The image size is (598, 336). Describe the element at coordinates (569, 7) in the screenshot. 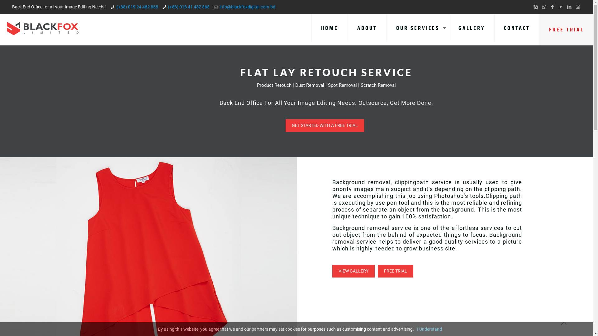

I see `'LinkedIn'` at that location.